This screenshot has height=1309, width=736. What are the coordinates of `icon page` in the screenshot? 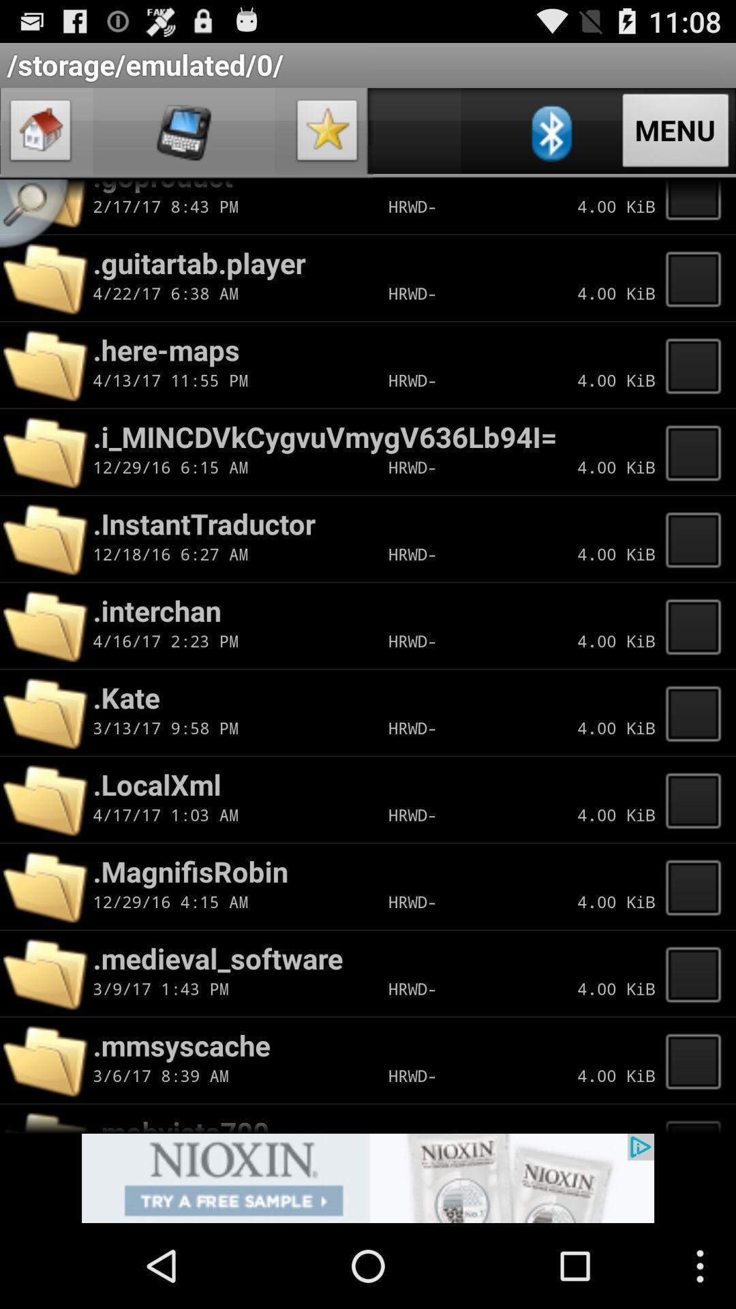 It's located at (327, 134).